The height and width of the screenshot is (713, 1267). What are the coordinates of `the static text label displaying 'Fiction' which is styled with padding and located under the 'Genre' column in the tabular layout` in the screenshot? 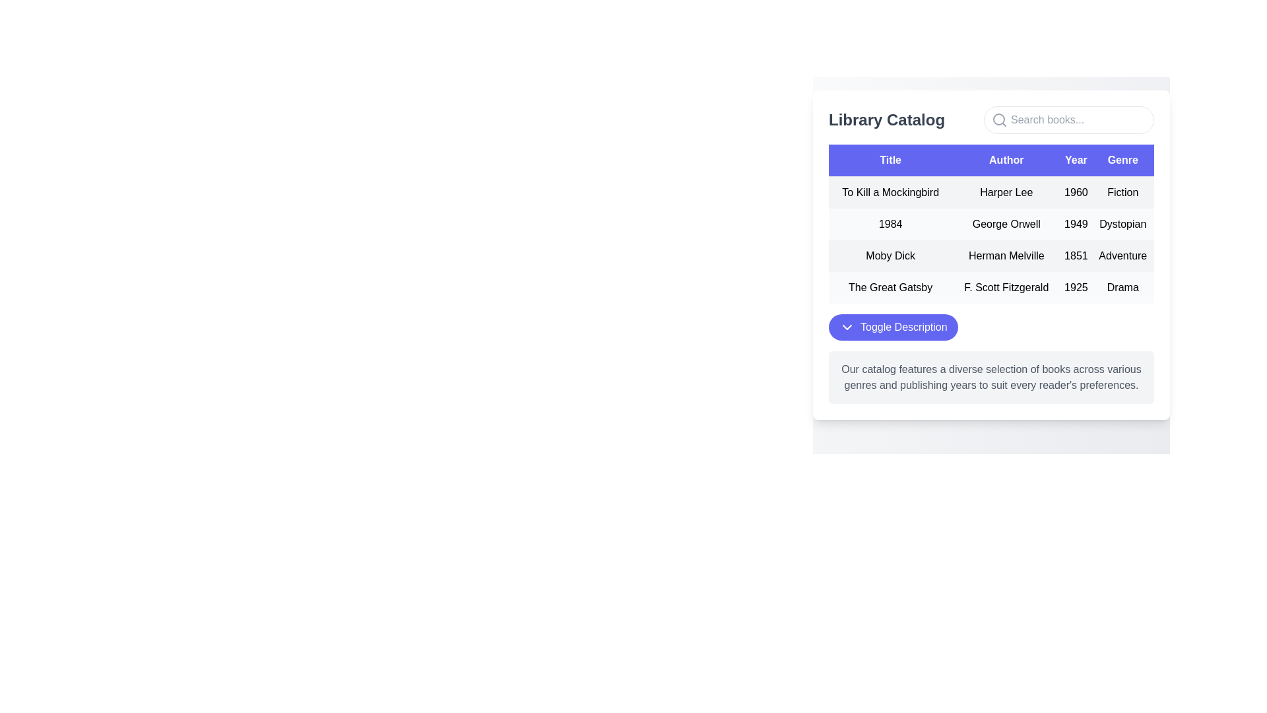 It's located at (1122, 192).